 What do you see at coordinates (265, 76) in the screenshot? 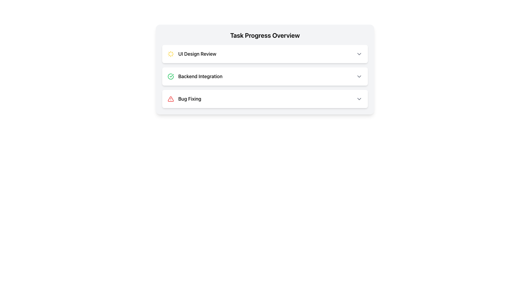
I see `the second collapsible task item titled 'Backend Integration' under the 'Task Progress Overview' section` at bounding box center [265, 76].